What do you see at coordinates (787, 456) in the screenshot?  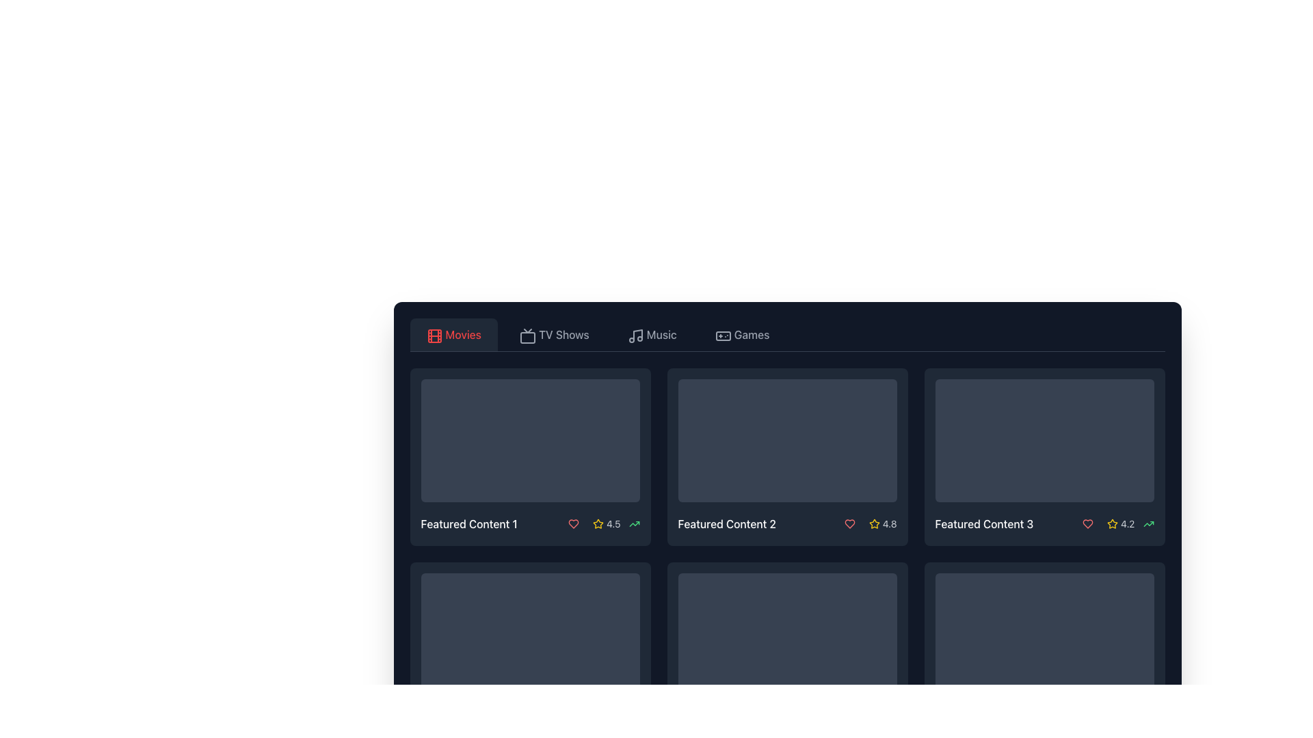 I see `the Content Card located in the second position of the first row of the grid layout` at bounding box center [787, 456].